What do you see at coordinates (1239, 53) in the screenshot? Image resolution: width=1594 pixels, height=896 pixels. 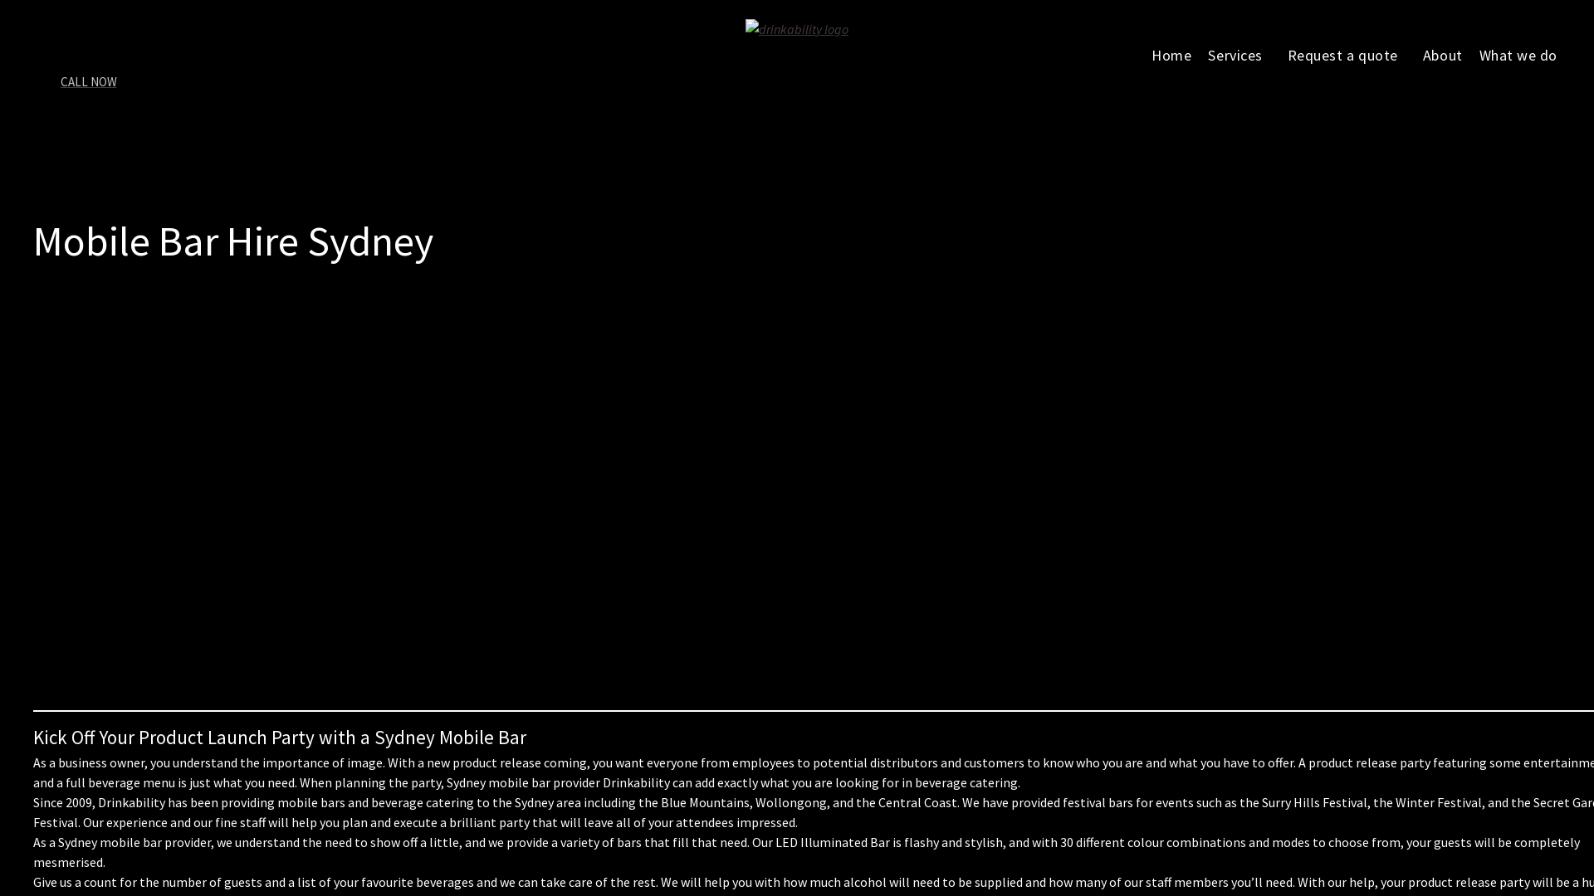 I see `'Services'` at bounding box center [1239, 53].